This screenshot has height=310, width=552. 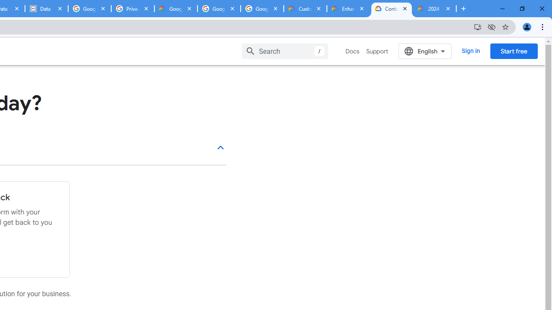 What do you see at coordinates (477, 26) in the screenshot?
I see `'Install Google Cloud'` at bounding box center [477, 26].